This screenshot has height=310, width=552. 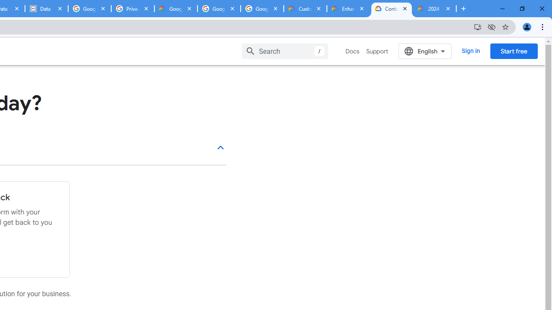 What do you see at coordinates (477, 26) in the screenshot?
I see `'Install Google Cloud'` at bounding box center [477, 26].